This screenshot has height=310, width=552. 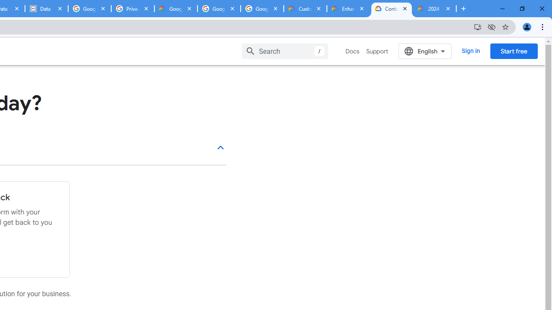 What do you see at coordinates (477, 26) in the screenshot?
I see `'Install Google Cloud'` at bounding box center [477, 26].